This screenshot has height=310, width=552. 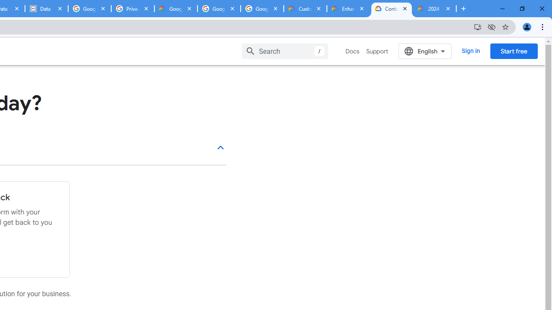 What do you see at coordinates (477, 26) in the screenshot?
I see `'Install Google Cloud'` at bounding box center [477, 26].